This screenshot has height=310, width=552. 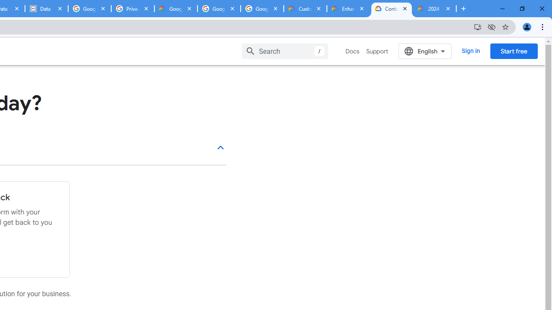 What do you see at coordinates (477, 26) in the screenshot?
I see `'Install Google Cloud'` at bounding box center [477, 26].